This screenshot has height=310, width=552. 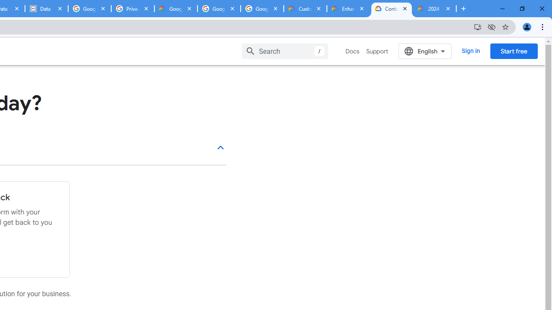 What do you see at coordinates (477, 26) in the screenshot?
I see `'Install Google Cloud'` at bounding box center [477, 26].